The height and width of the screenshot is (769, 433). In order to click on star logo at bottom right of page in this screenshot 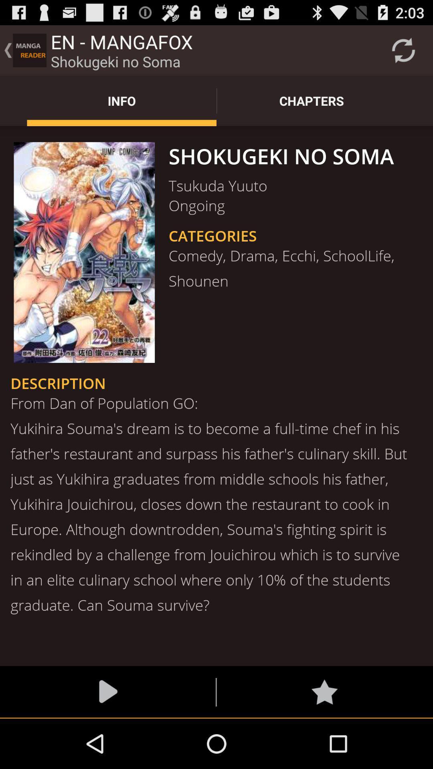, I will do `click(324, 692)`.